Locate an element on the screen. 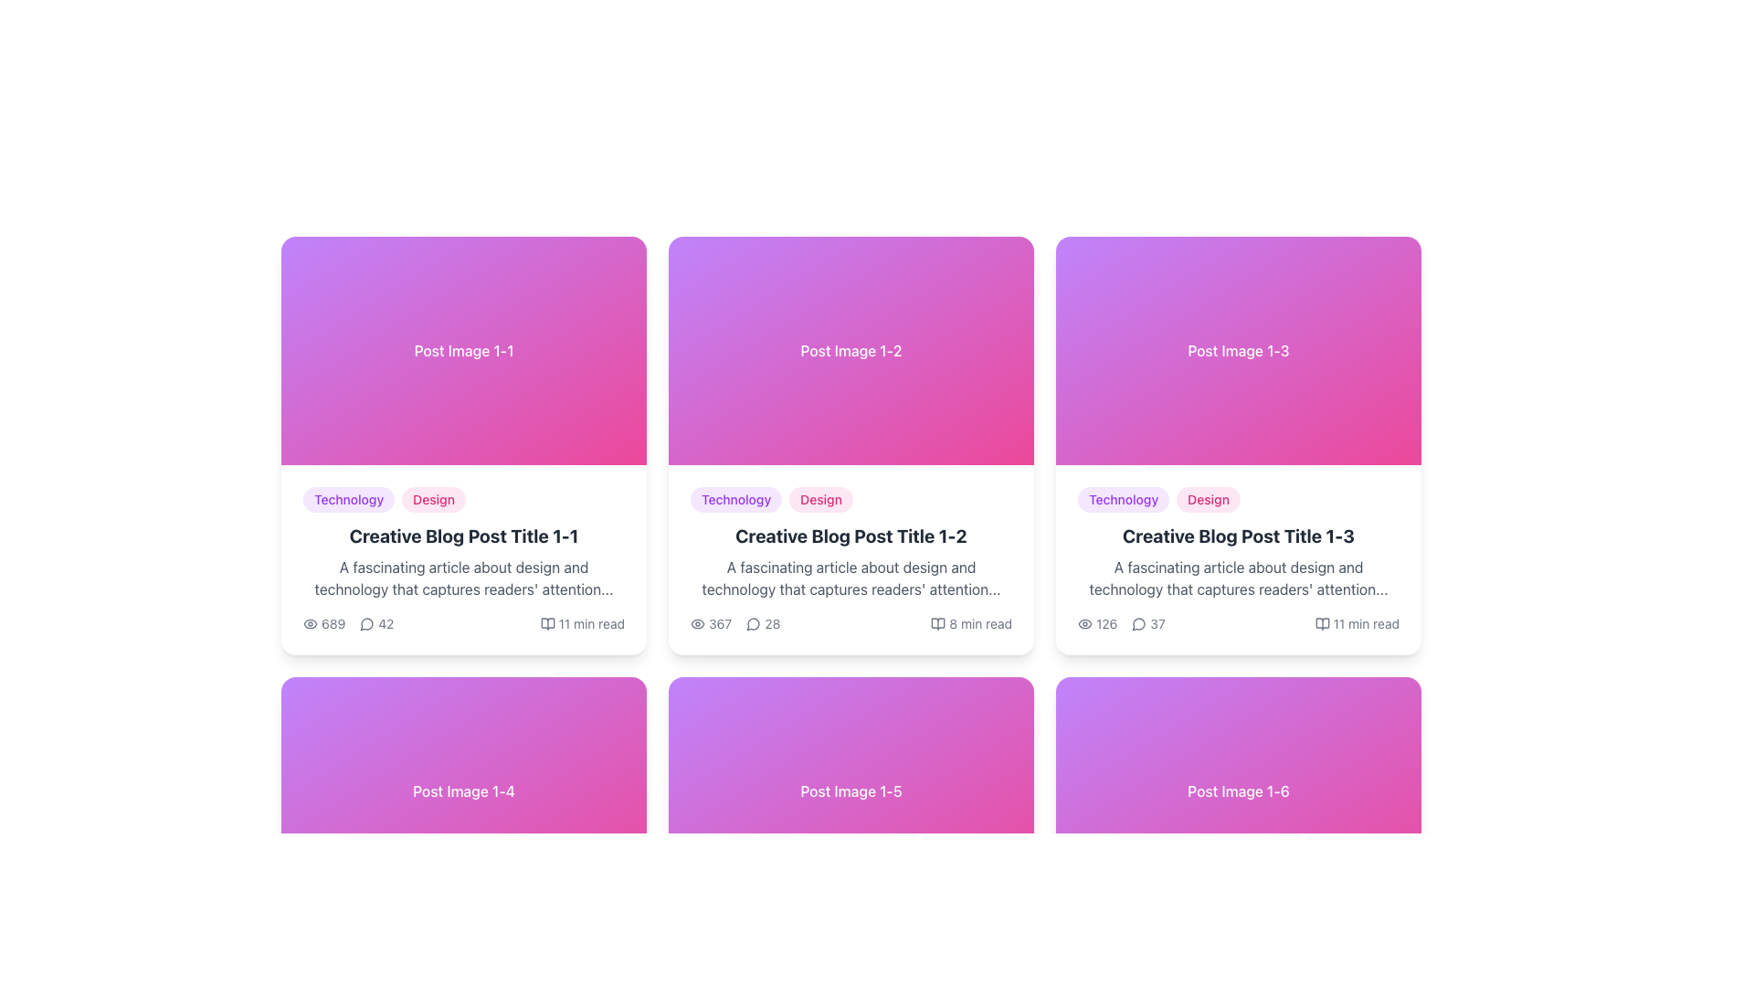 This screenshot has height=987, width=1754. the text label that serves as the title for a blog post or article, located at the center of the layout underneath the tags 'Technology' and 'Design', to change its color is located at coordinates (464, 535).